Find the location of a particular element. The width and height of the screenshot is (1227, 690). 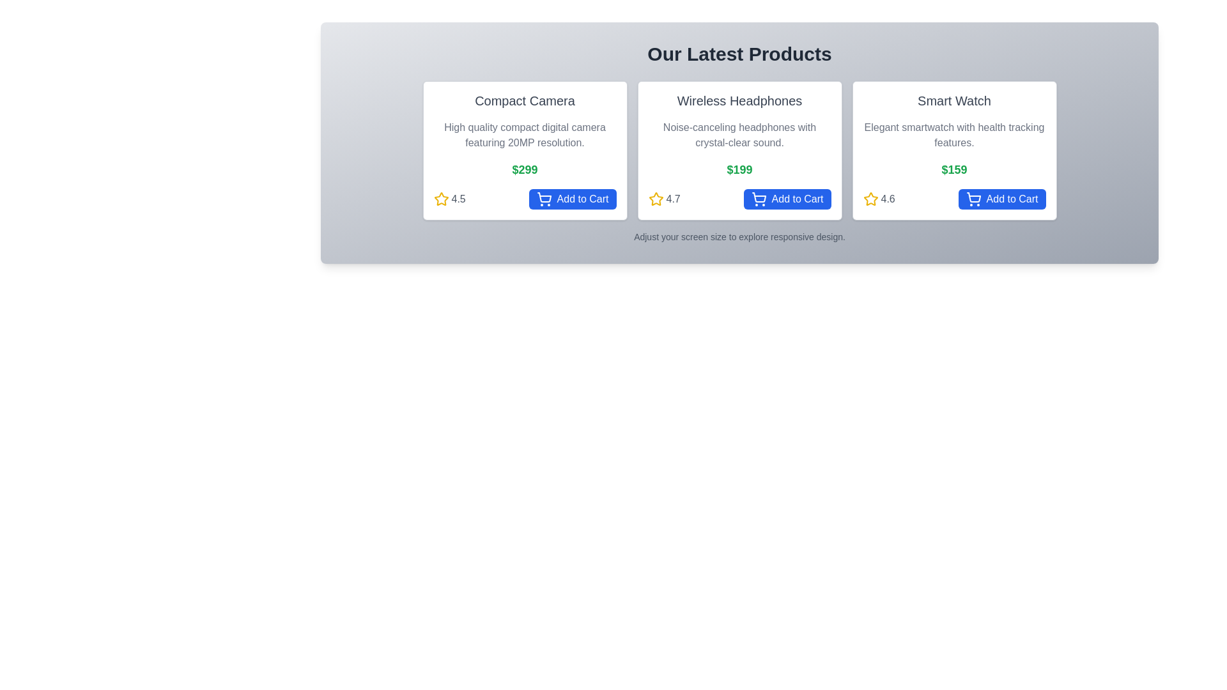

the descriptive text 'High quality compact digital camera featuring 20MP resolution.' within the product card for 'Compact Camera' is located at coordinates (525, 135).